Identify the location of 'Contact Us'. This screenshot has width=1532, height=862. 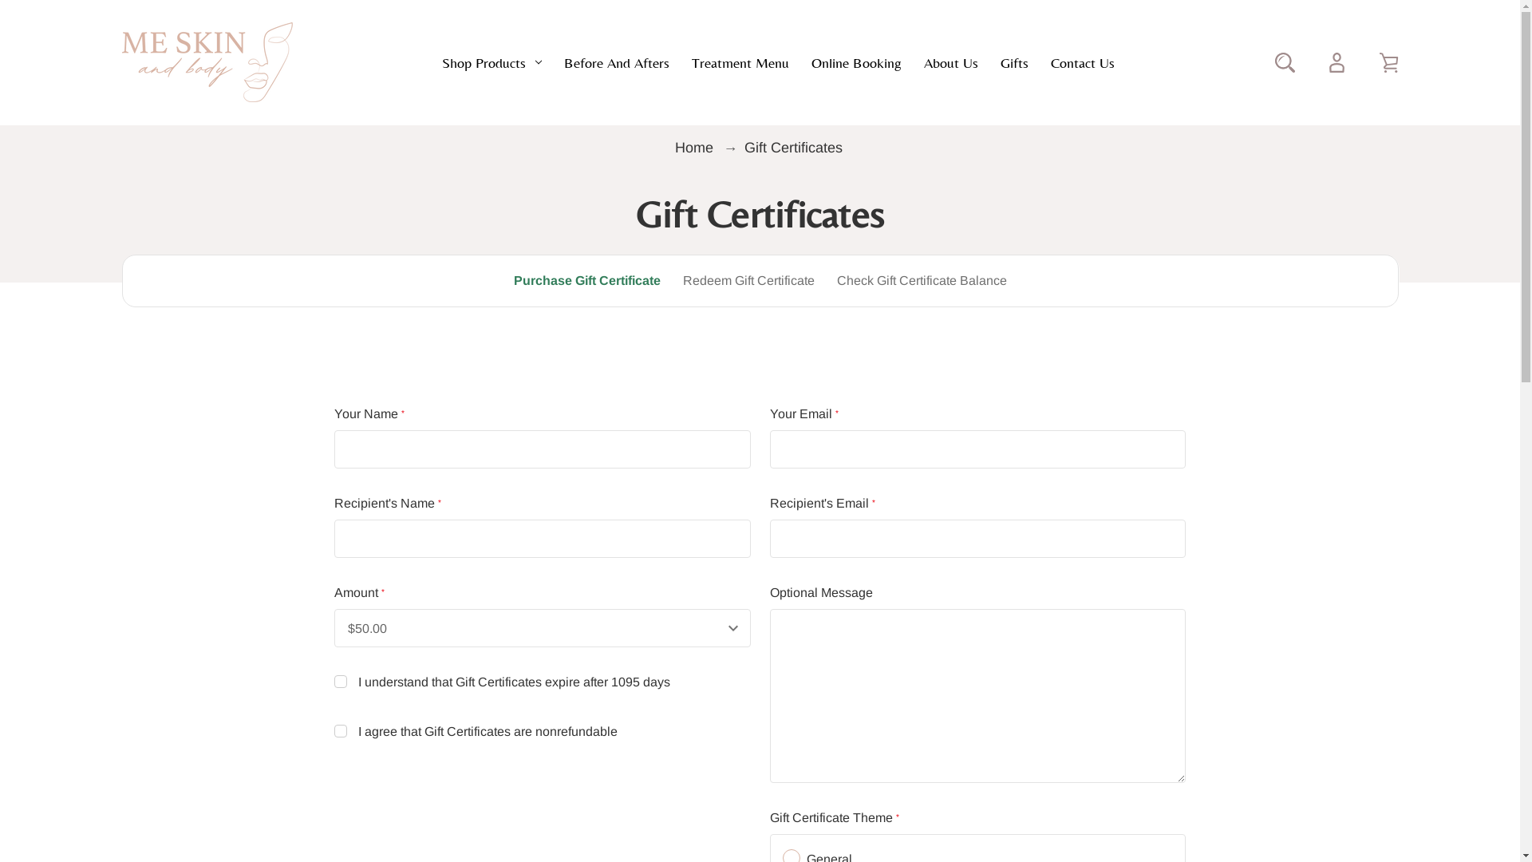
(1049, 61).